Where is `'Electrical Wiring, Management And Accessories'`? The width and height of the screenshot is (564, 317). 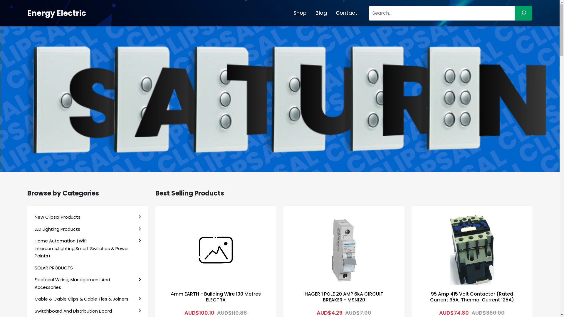
'Electrical Wiring, Management And Accessories' is located at coordinates (87, 283).